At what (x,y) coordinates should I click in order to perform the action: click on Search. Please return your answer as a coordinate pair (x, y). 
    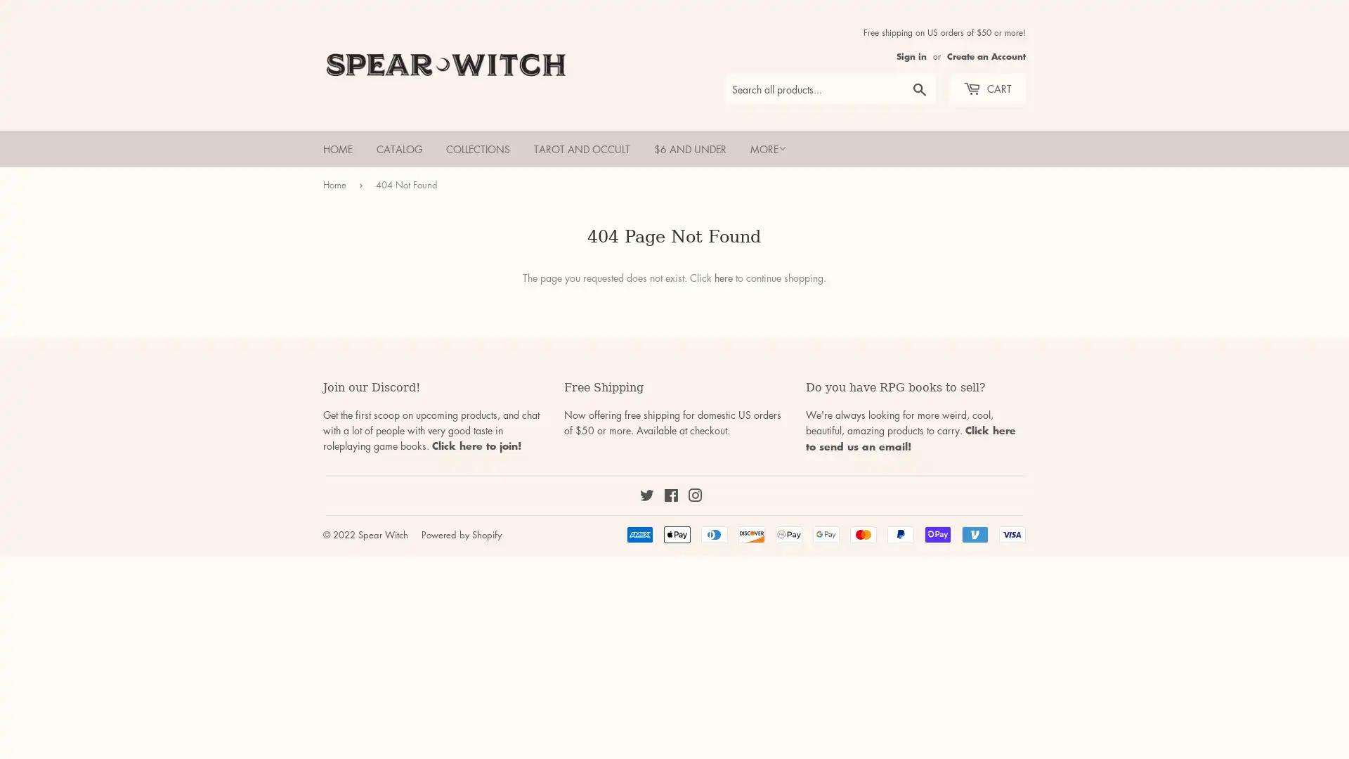
    Looking at the image, I should click on (920, 89).